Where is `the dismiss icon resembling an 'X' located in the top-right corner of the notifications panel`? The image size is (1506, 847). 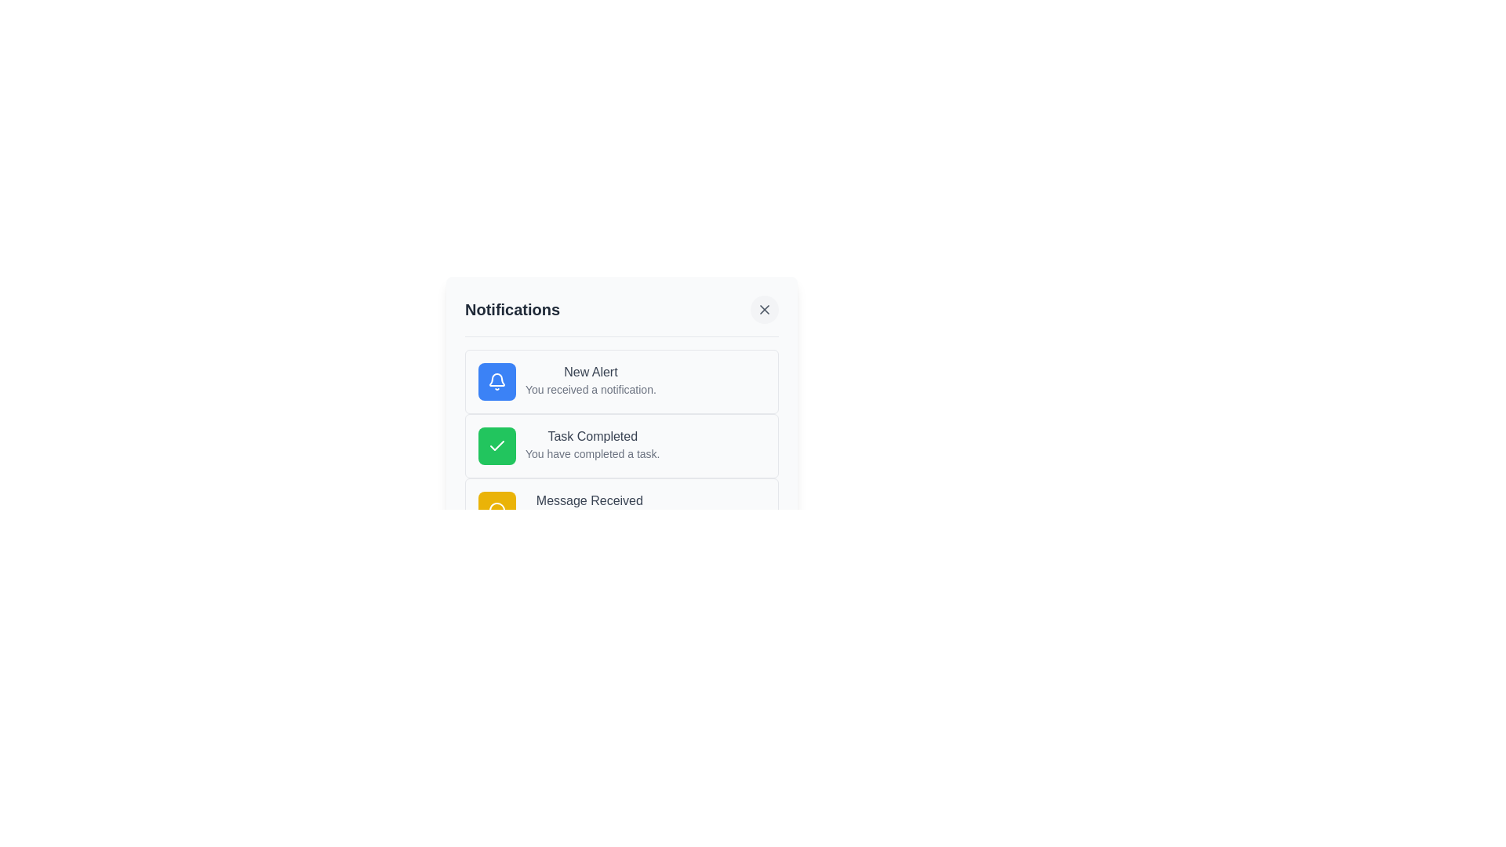
the dismiss icon resembling an 'X' located in the top-right corner of the notifications panel is located at coordinates (764, 309).